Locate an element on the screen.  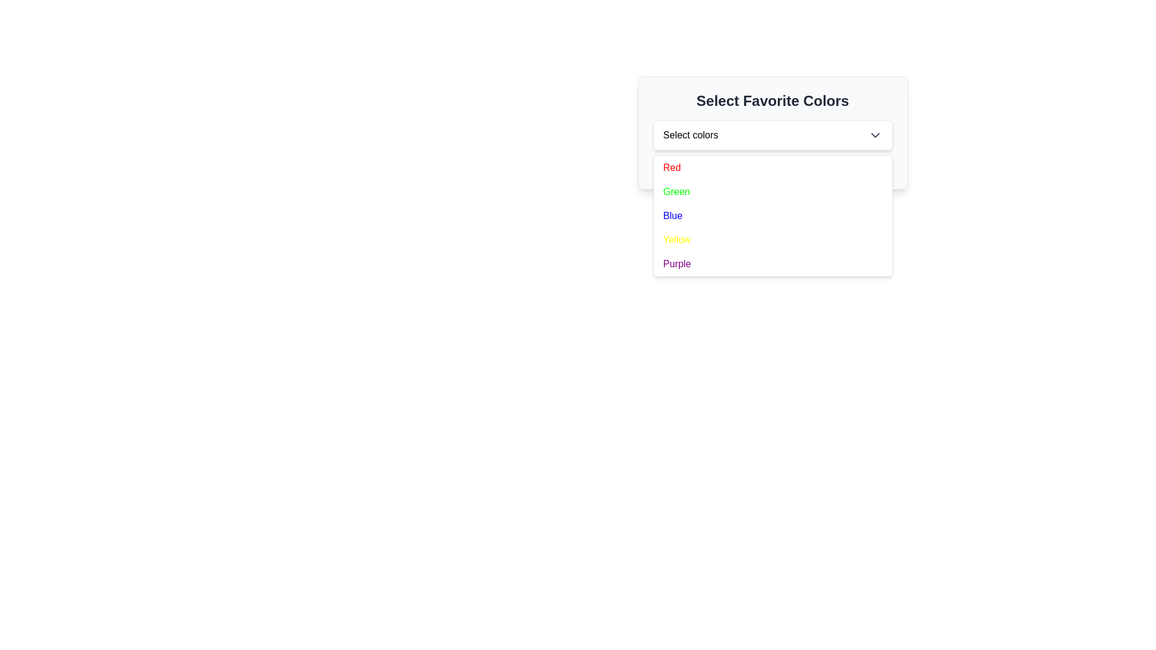
the 'Purple' option in the dropdown menu titled 'Select Favorite Colors' is located at coordinates (772, 264).